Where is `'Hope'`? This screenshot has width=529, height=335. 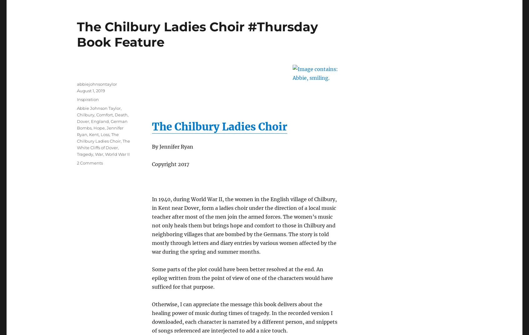
'Hope' is located at coordinates (99, 128).